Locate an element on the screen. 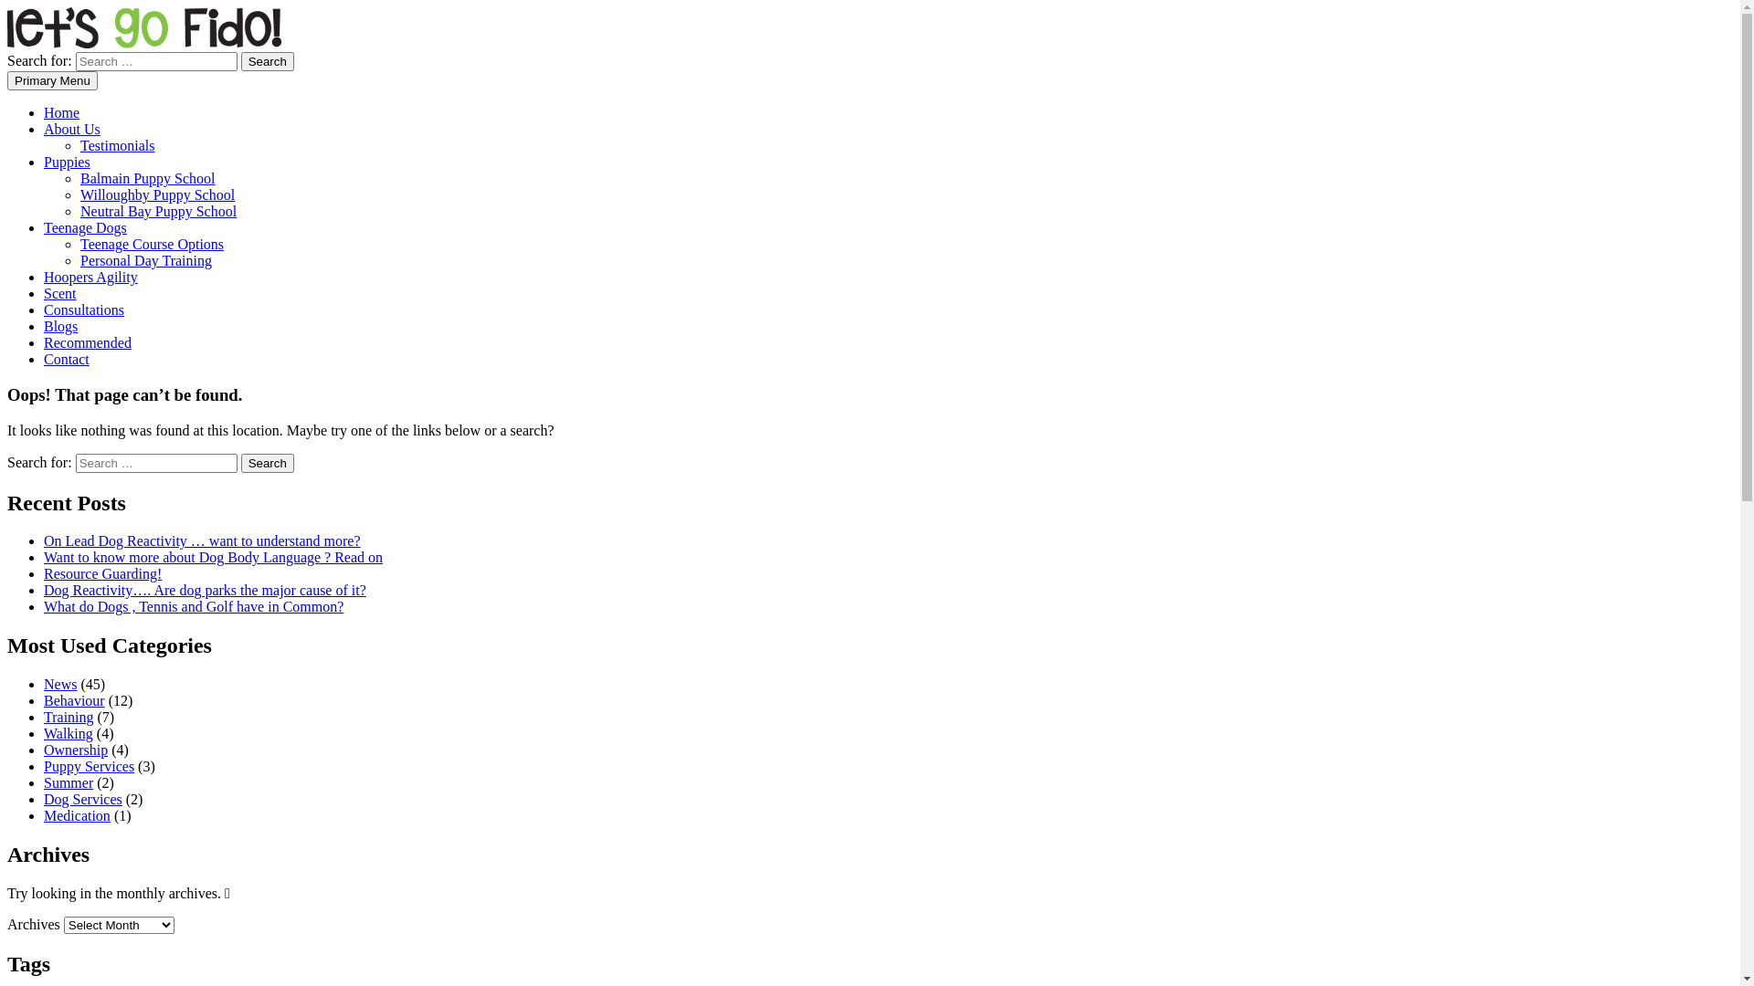 This screenshot has height=986, width=1754. 'Want to know more about Dog Body Language ? Read on' is located at coordinates (213, 556).